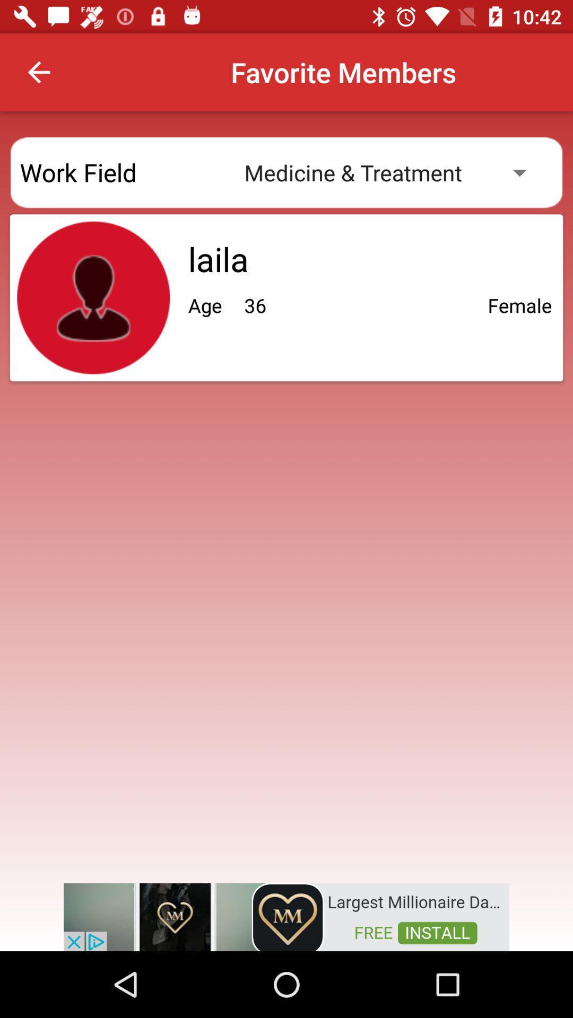 The width and height of the screenshot is (573, 1018). Describe the element at coordinates (286, 916) in the screenshot. I see `for advertisement` at that location.